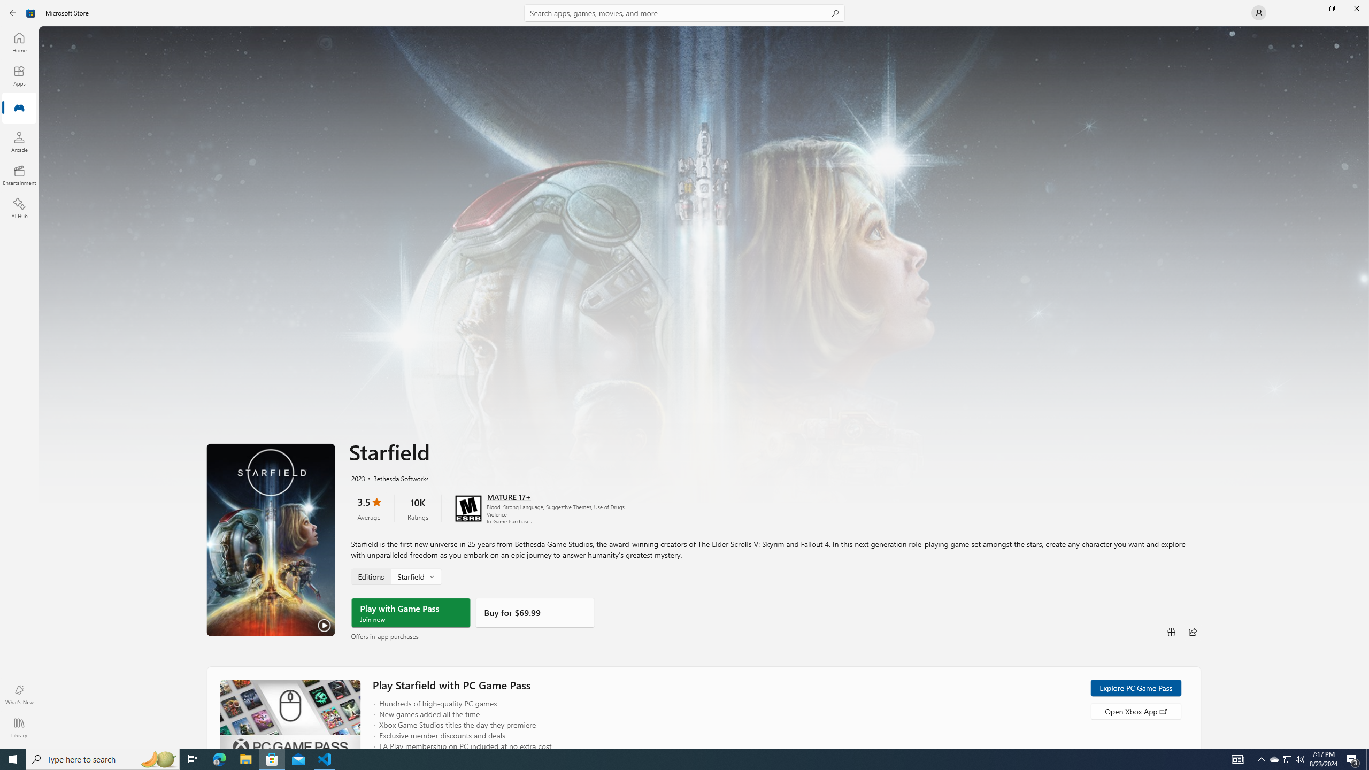  What do you see at coordinates (18, 75) in the screenshot?
I see `'Apps'` at bounding box center [18, 75].